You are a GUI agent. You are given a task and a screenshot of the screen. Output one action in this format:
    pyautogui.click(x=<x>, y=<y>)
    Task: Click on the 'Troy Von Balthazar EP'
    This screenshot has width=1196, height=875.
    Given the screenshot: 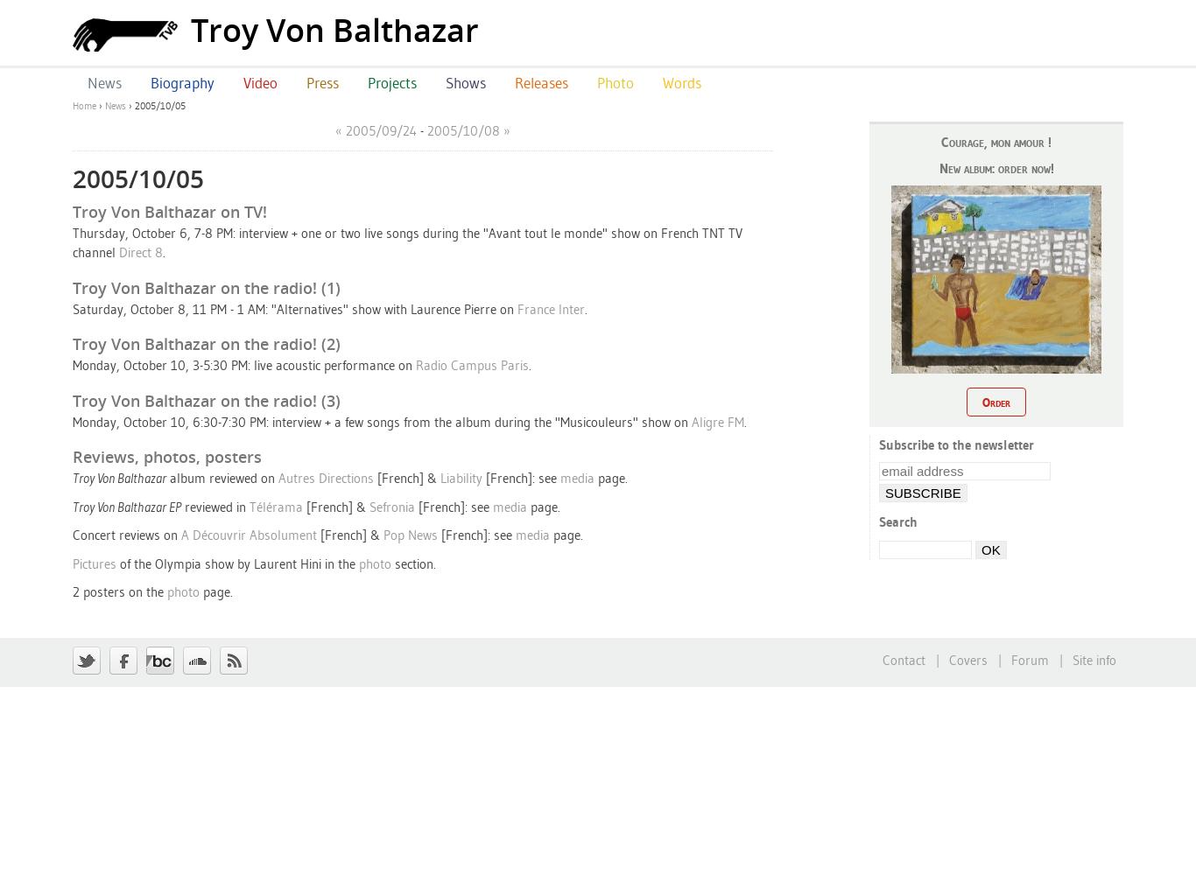 What is the action you would take?
    pyautogui.click(x=73, y=505)
    